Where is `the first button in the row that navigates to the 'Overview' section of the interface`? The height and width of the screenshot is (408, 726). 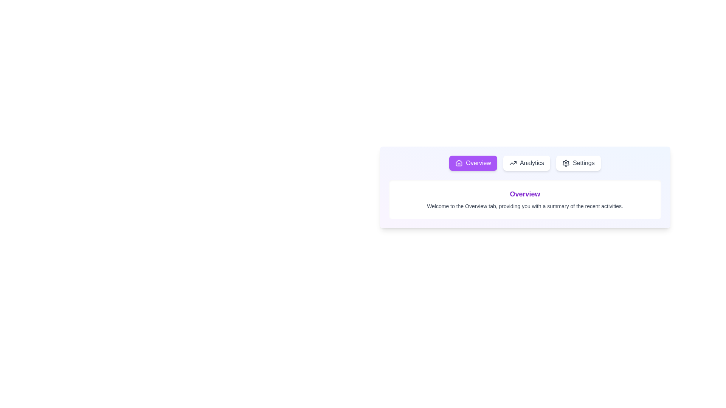 the first button in the row that navigates to the 'Overview' section of the interface is located at coordinates (473, 163).